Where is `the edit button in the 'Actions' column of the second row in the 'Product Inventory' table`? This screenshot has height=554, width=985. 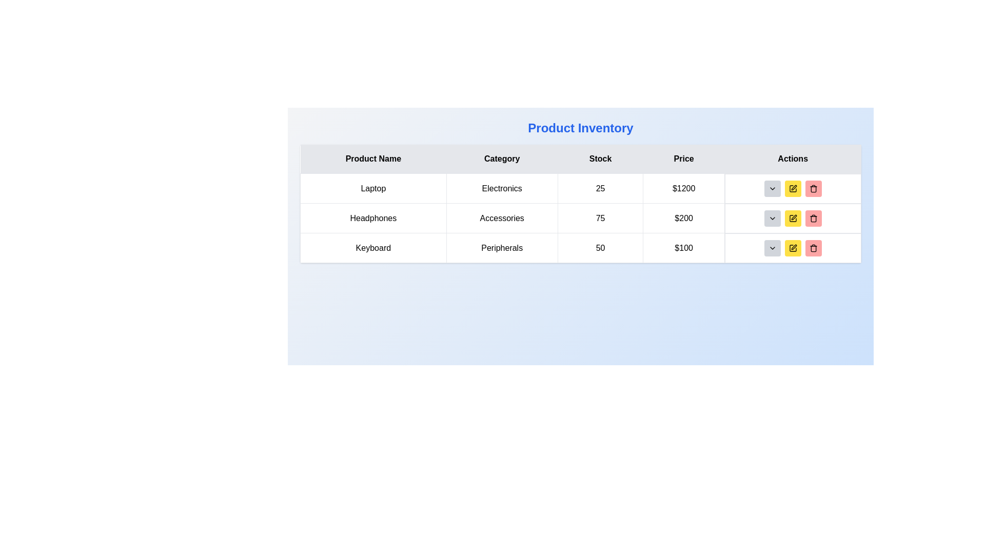 the edit button in the 'Actions' column of the second row in the 'Product Inventory' table is located at coordinates (792, 217).